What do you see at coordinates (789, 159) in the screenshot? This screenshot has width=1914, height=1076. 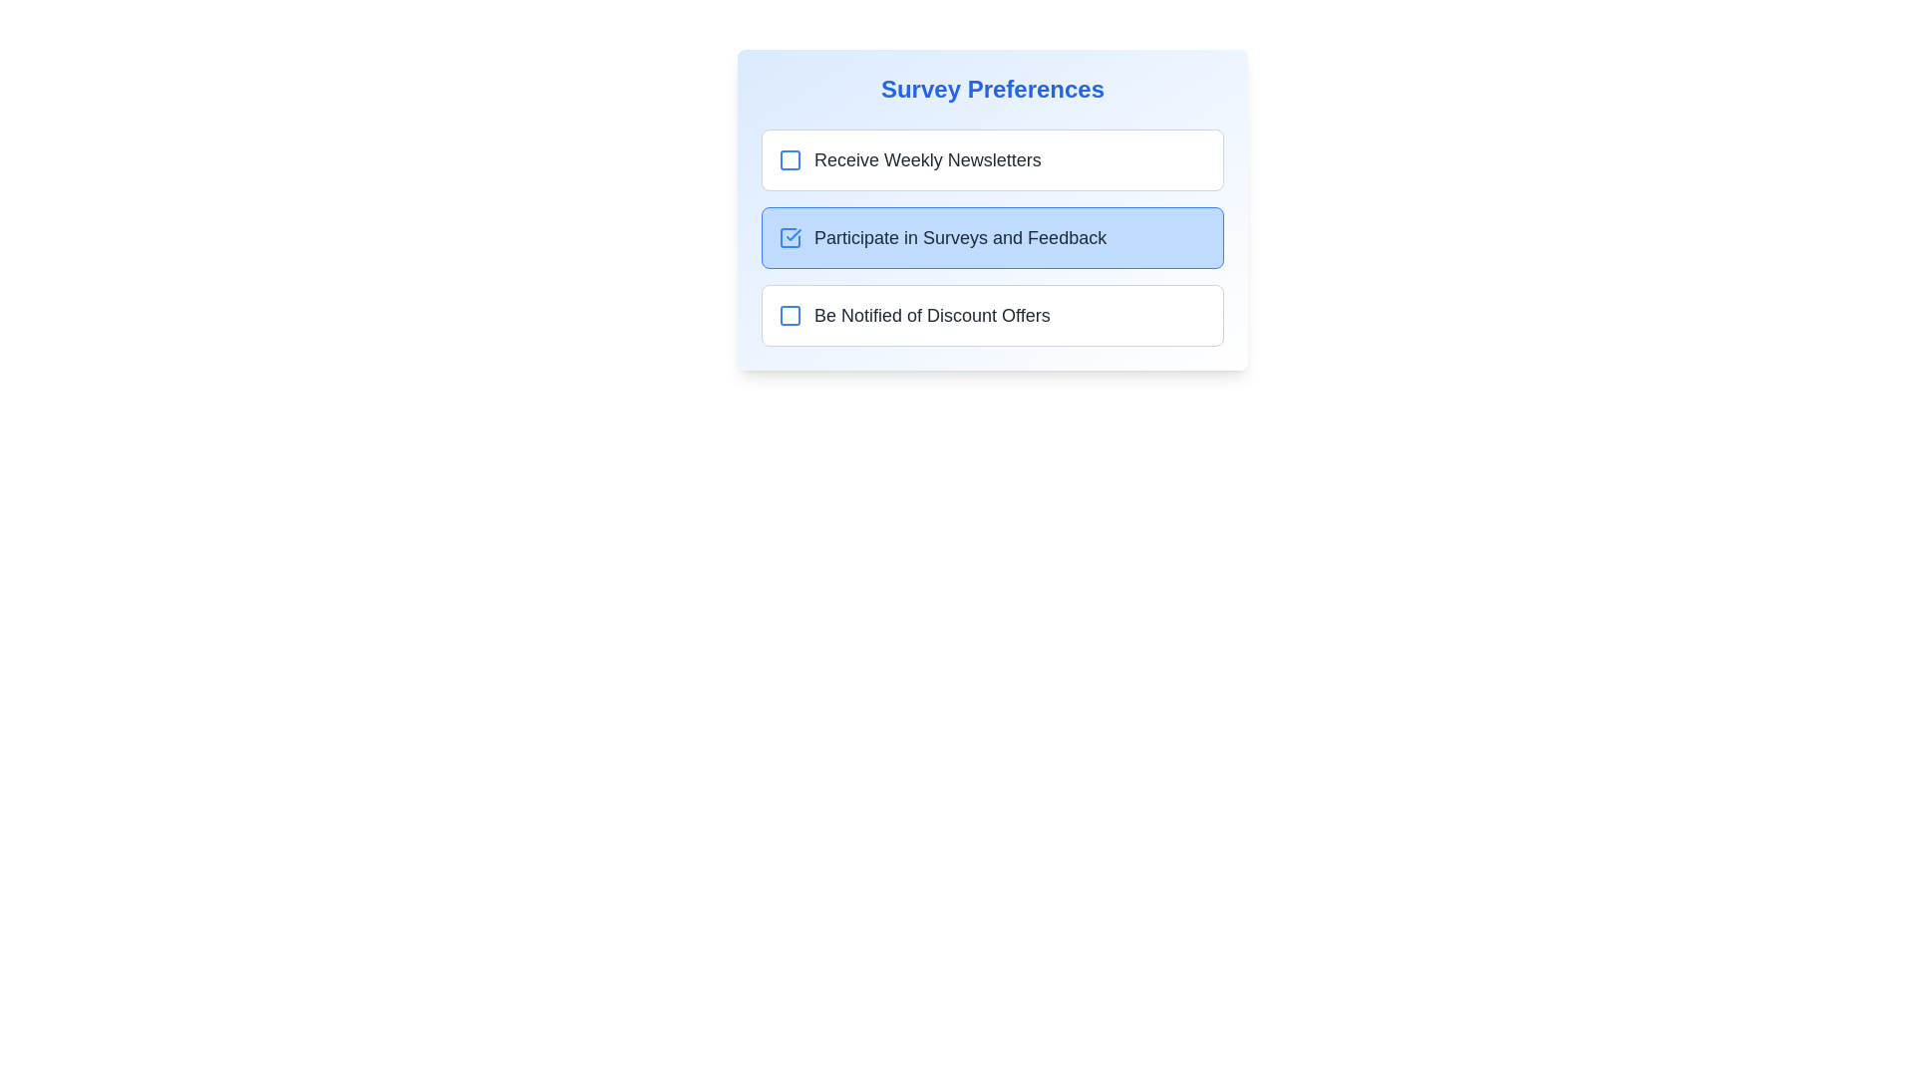 I see `the checkbox for 'Receive Weekly Newsletters'` at bounding box center [789, 159].